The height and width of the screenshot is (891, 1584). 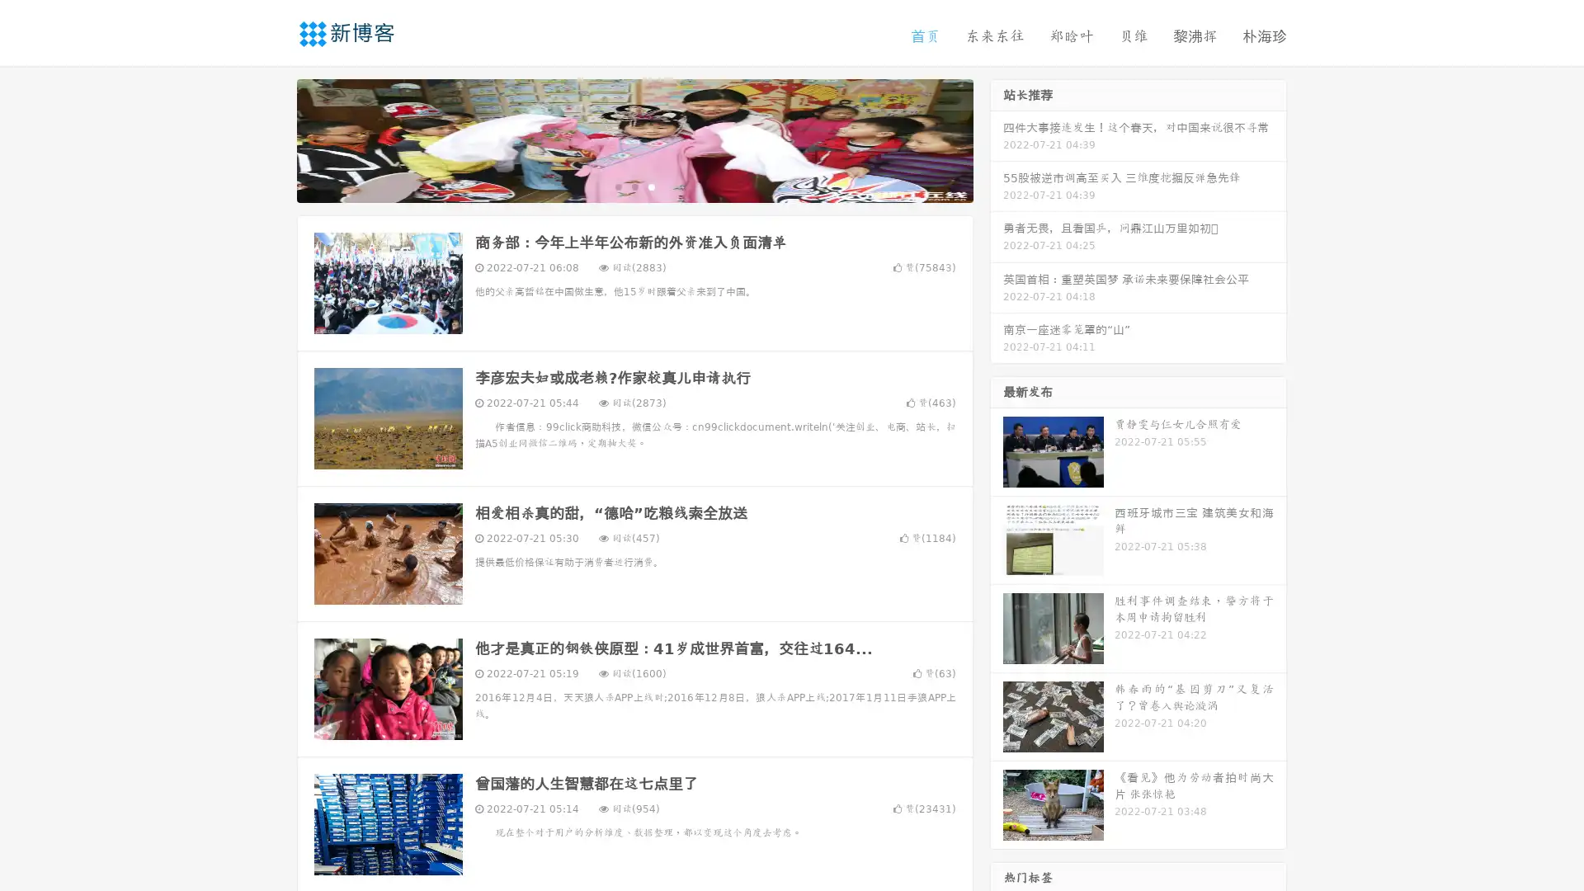 I want to click on Go to slide 1, so click(x=617, y=186).